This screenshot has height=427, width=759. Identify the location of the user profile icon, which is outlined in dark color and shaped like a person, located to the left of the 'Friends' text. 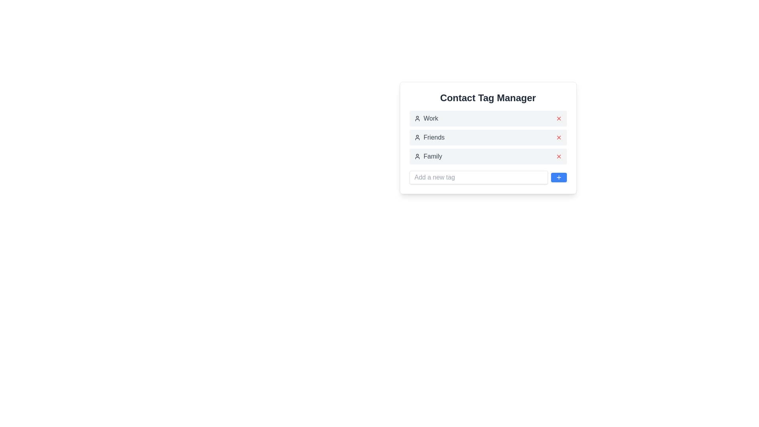
(417, 137).